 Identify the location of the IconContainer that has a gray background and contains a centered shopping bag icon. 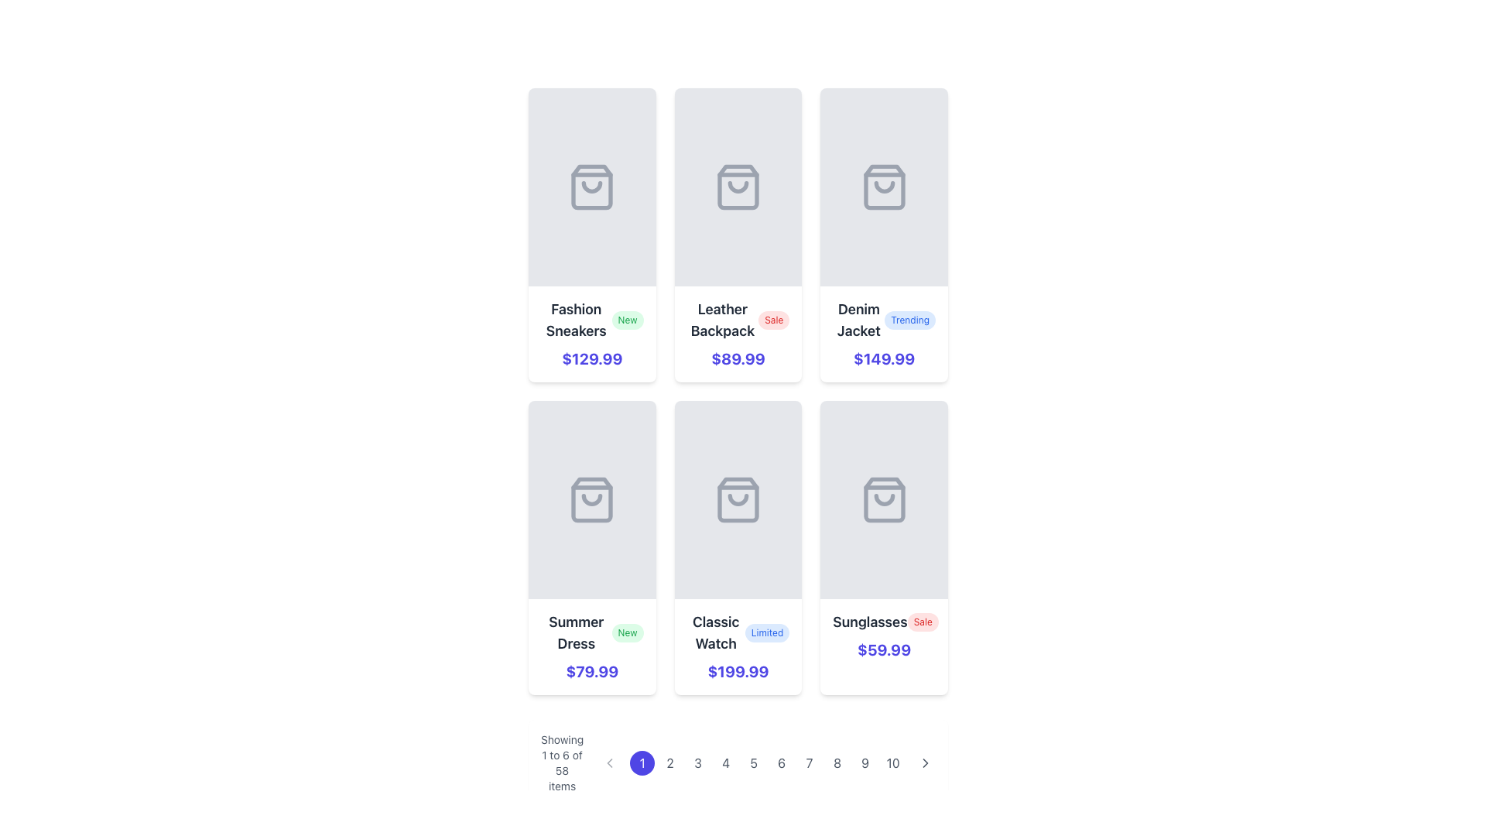
(738, 187).